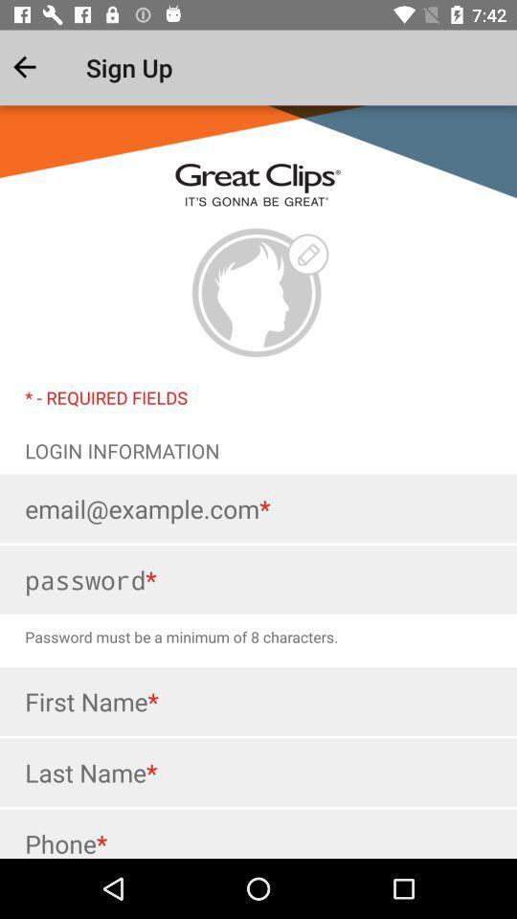 Image resolution: width=517 pixels, height=919 pixels. Describe the element at coordinates (258, 773) in the screenshot. I see `field for last name` at that location.